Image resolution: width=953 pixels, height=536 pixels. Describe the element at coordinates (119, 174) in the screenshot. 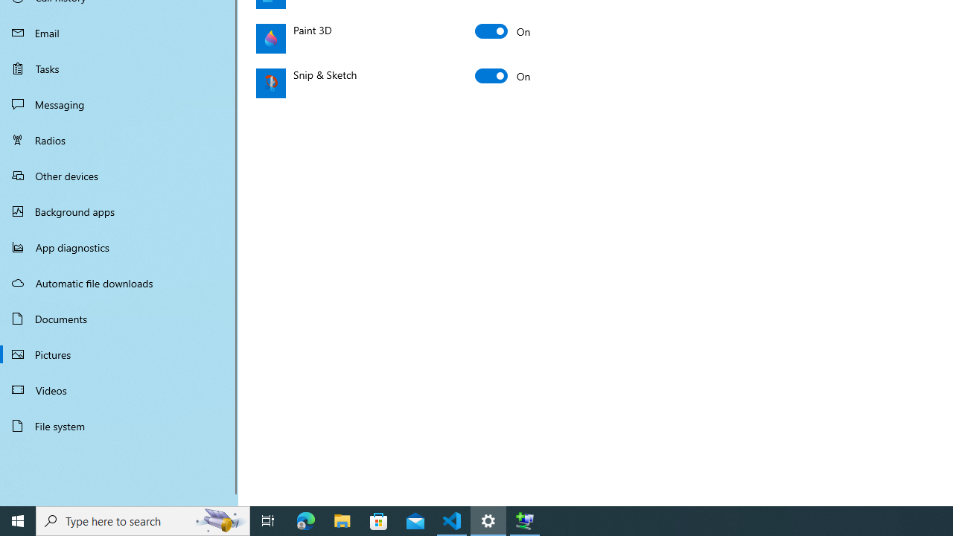

I see `'Other devices'` at that location.